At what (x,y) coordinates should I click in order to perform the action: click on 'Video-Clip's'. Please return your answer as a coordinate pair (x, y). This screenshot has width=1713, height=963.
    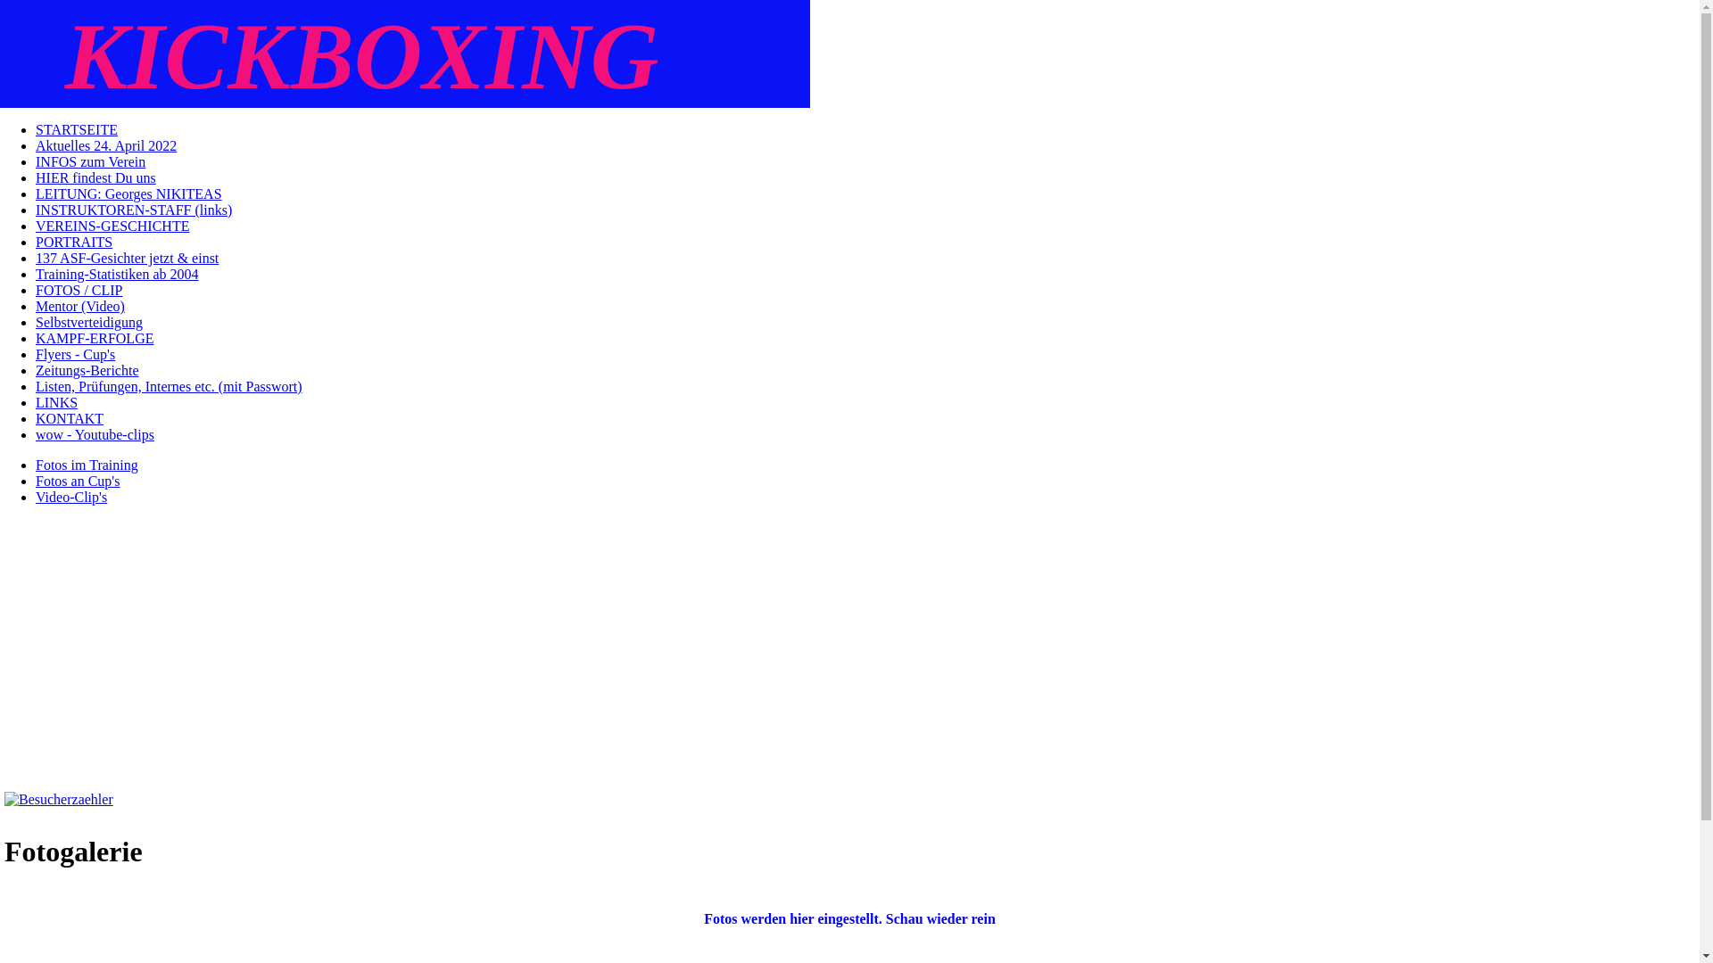
    Looking at the image, I should click on (71, 497).